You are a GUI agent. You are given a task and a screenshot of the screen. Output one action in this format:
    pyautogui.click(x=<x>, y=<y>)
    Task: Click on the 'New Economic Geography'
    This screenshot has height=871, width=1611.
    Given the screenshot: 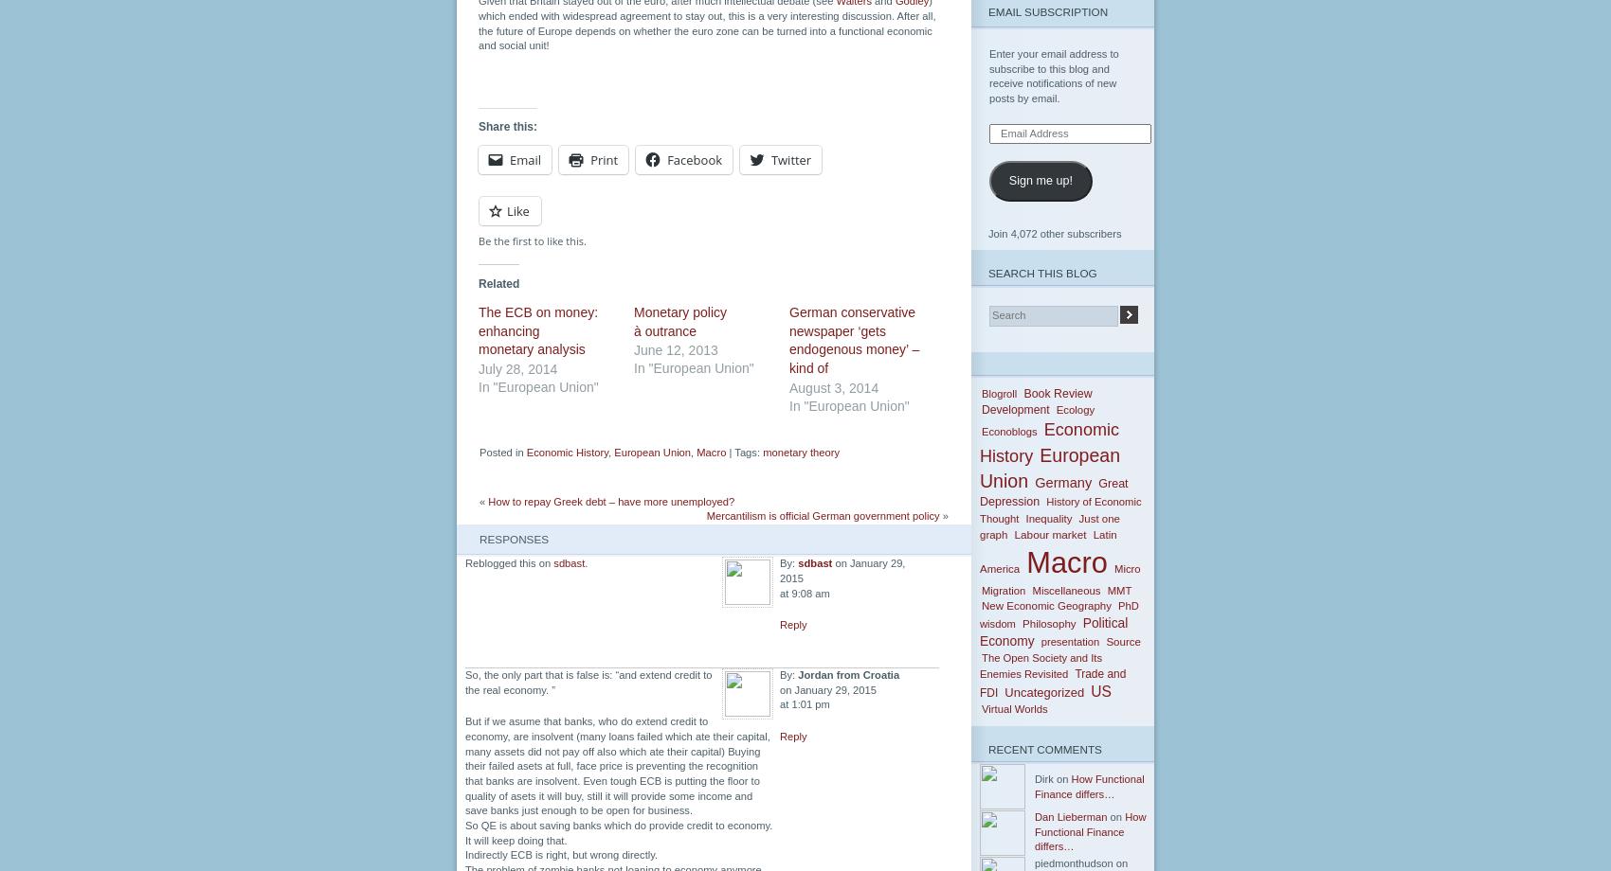 What is the action you would take?
    pyautogui.click(x=1045, y=605)
    